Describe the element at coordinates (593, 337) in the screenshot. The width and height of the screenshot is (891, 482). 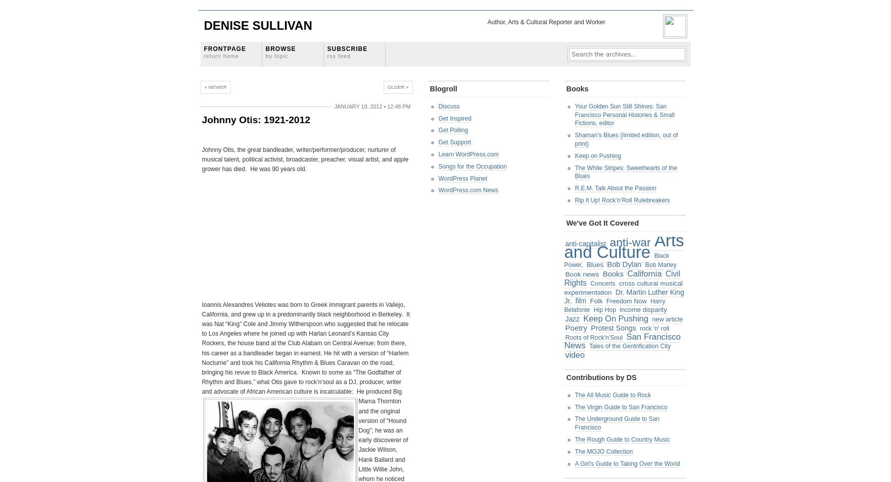
I see `'Roots of Rock'n'Soul'` at that location.